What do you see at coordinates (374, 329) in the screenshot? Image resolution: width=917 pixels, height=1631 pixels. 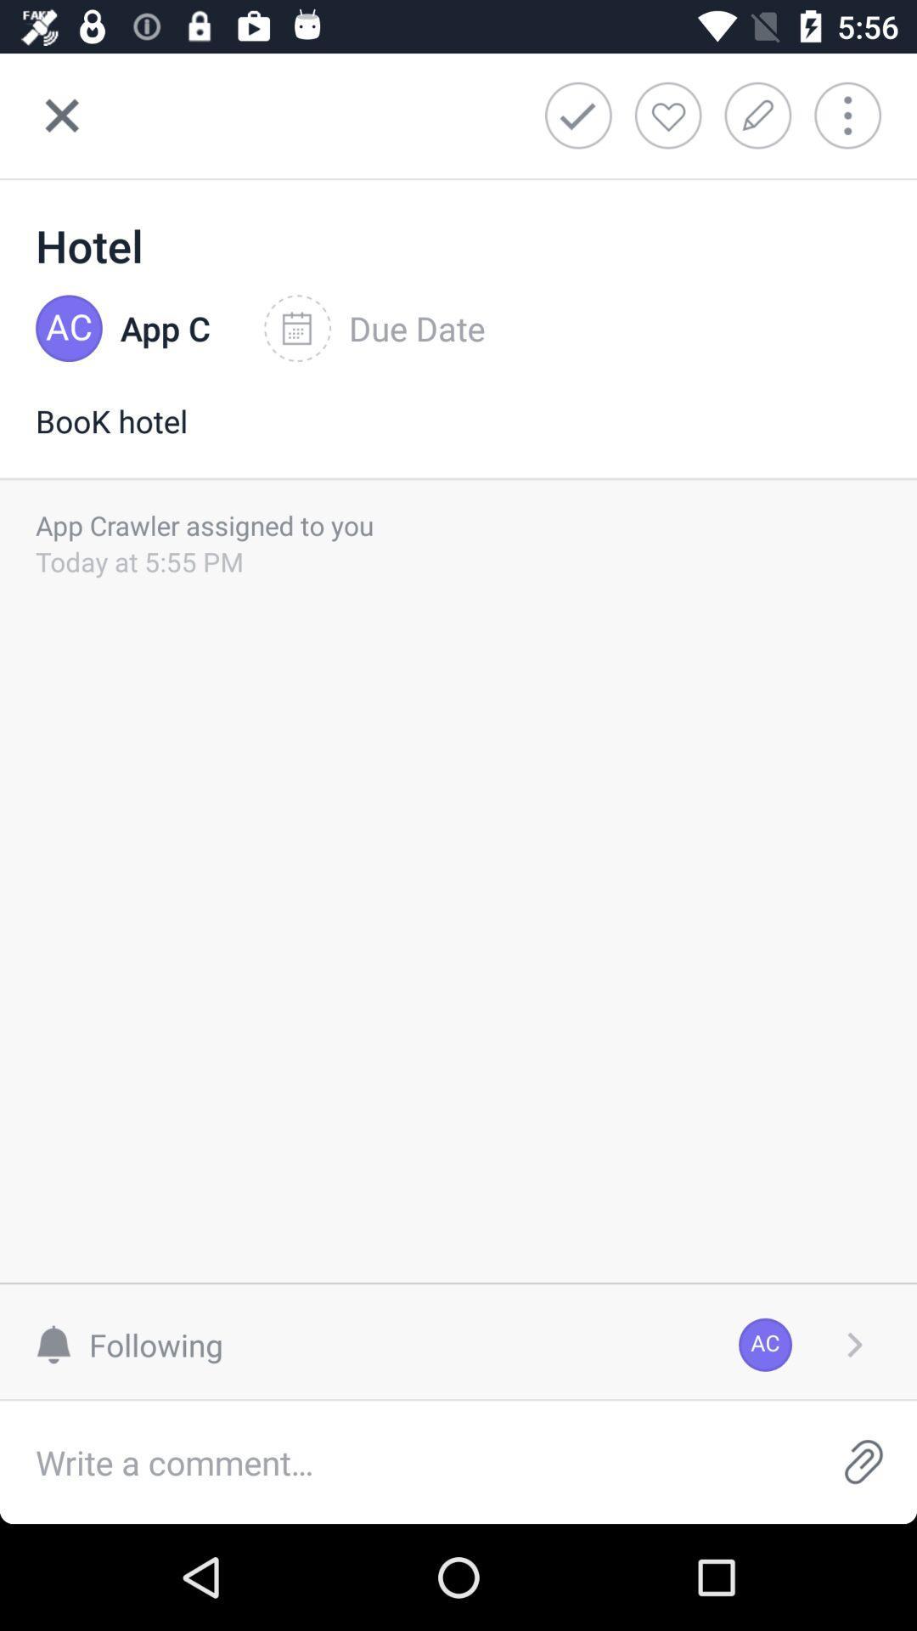 I see `due date` at bounding box center [374, 329].